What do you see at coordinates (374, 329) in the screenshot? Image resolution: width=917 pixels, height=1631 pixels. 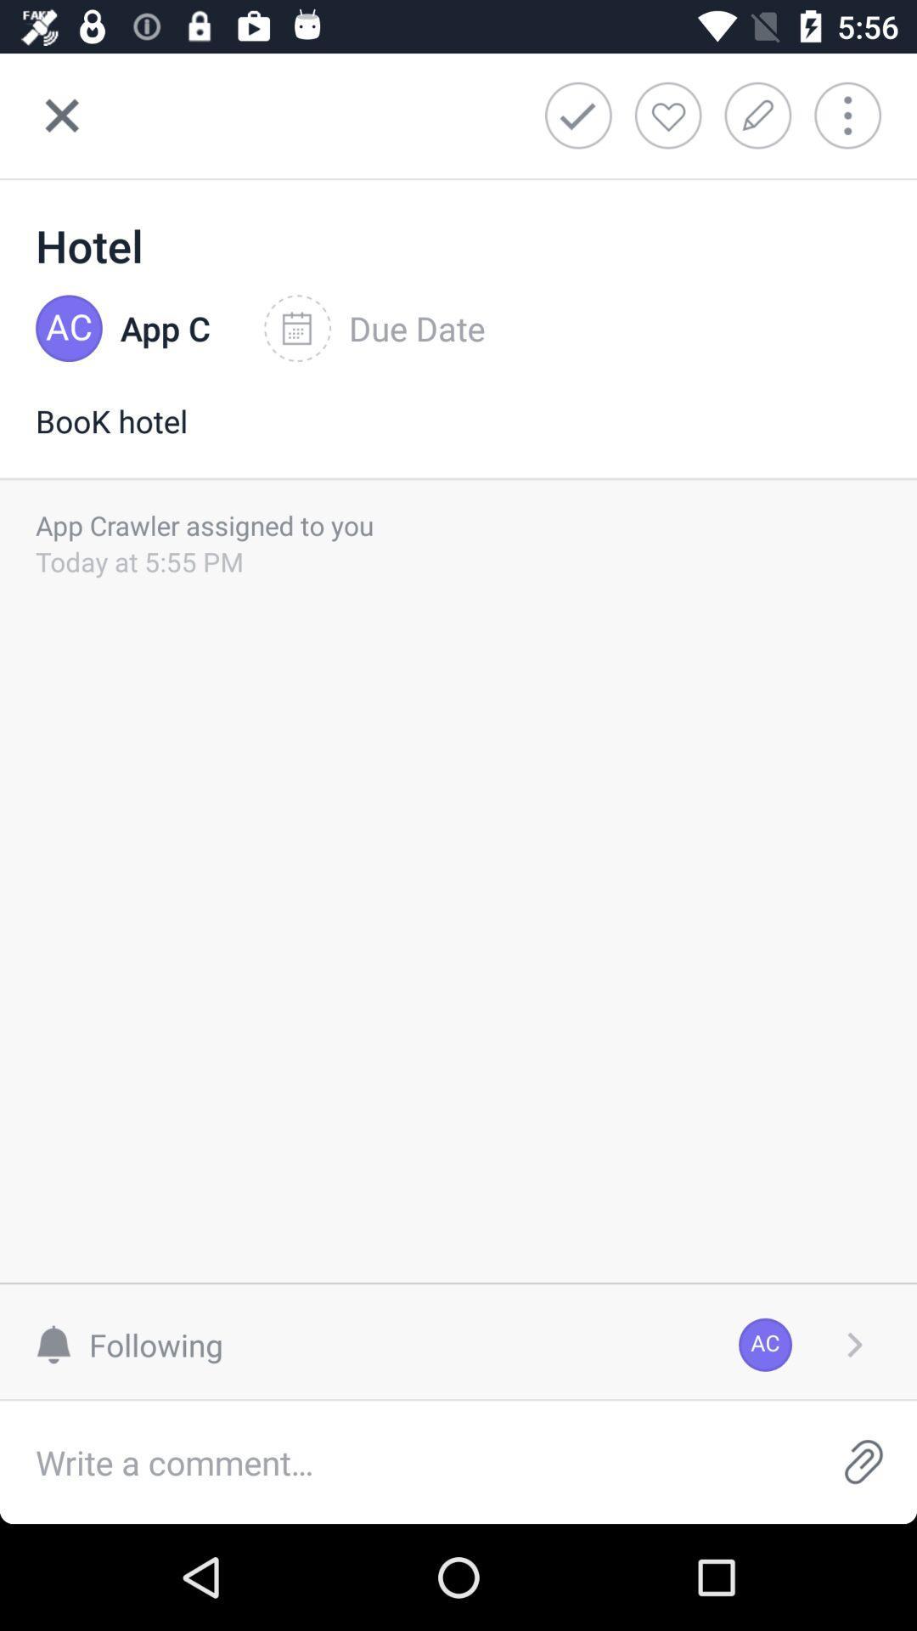 I see `due date` at bounding box center [374, 329].